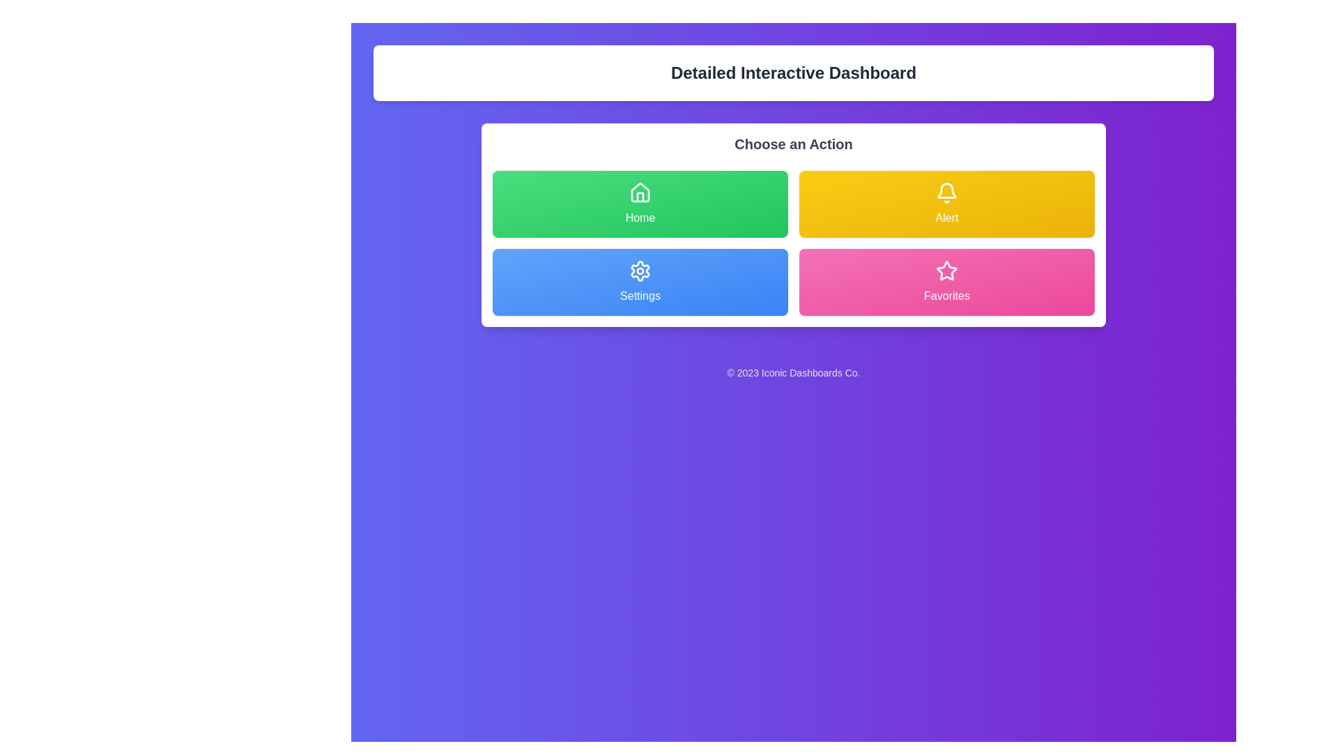 The image size is (1338, 753). Describe the element at coordinates (946, 190) in the screenshot. I see `the alert icon, which is the main body of a bell inside the 'Alert' button located in the top row of action buttons in the dashboard interface` at that location.